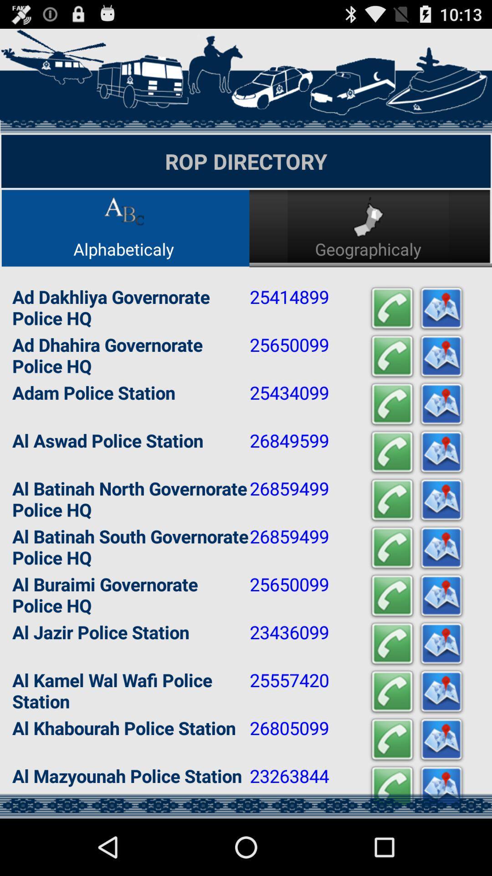 This screenshot has height=876, width=492. Describe the element at coordinates (391, 689) in the screenshot. I see `the call icon` at that location.